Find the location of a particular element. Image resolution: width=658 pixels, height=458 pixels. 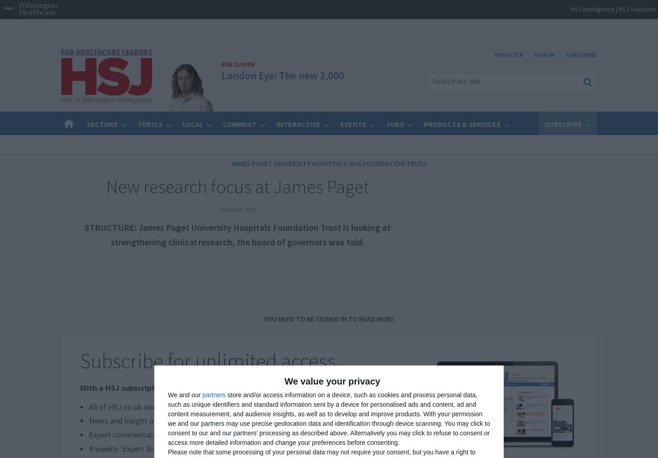

'Find your next career' is located at coordinates (197, 155).